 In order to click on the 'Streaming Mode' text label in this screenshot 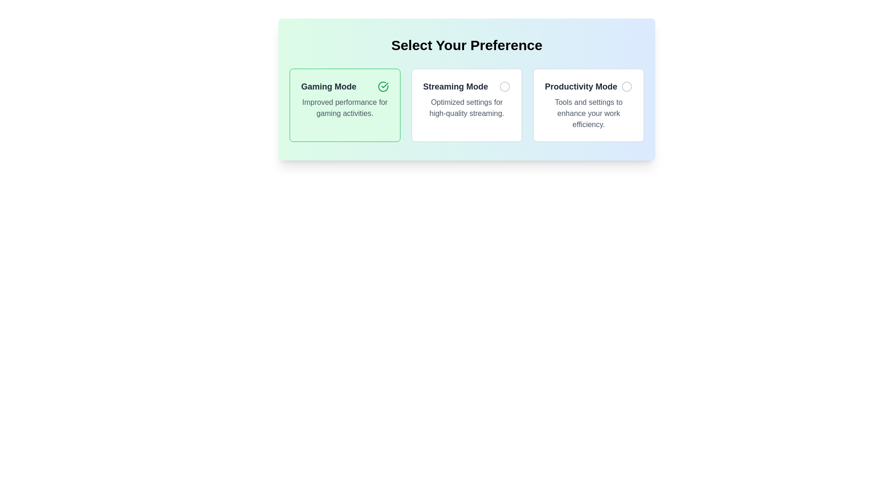, I will do `click(455, 86)`.